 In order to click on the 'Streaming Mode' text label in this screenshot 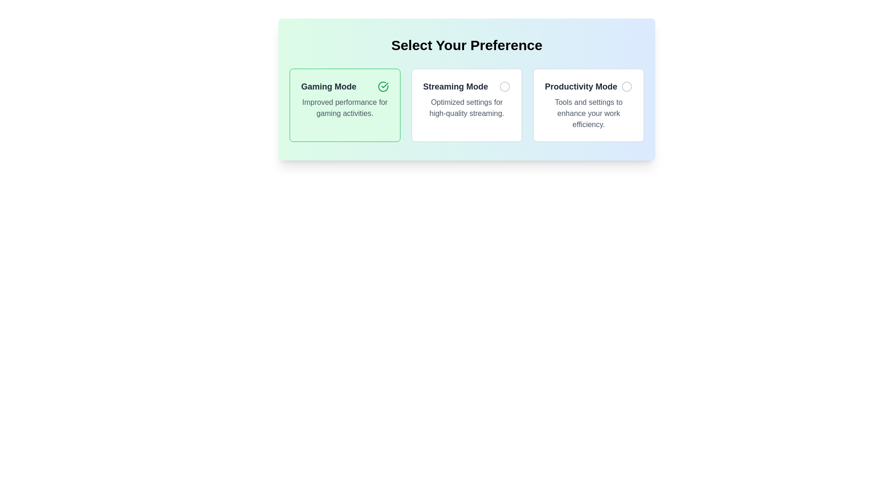, I will do `click(455, 86)`.